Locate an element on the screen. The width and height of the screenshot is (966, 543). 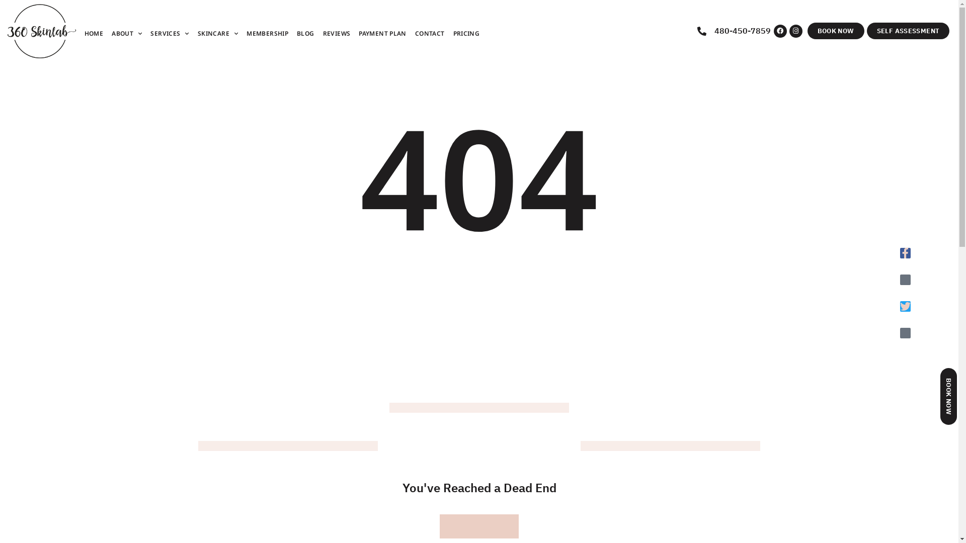
'BLOG' is located at coordinates (305, 33).